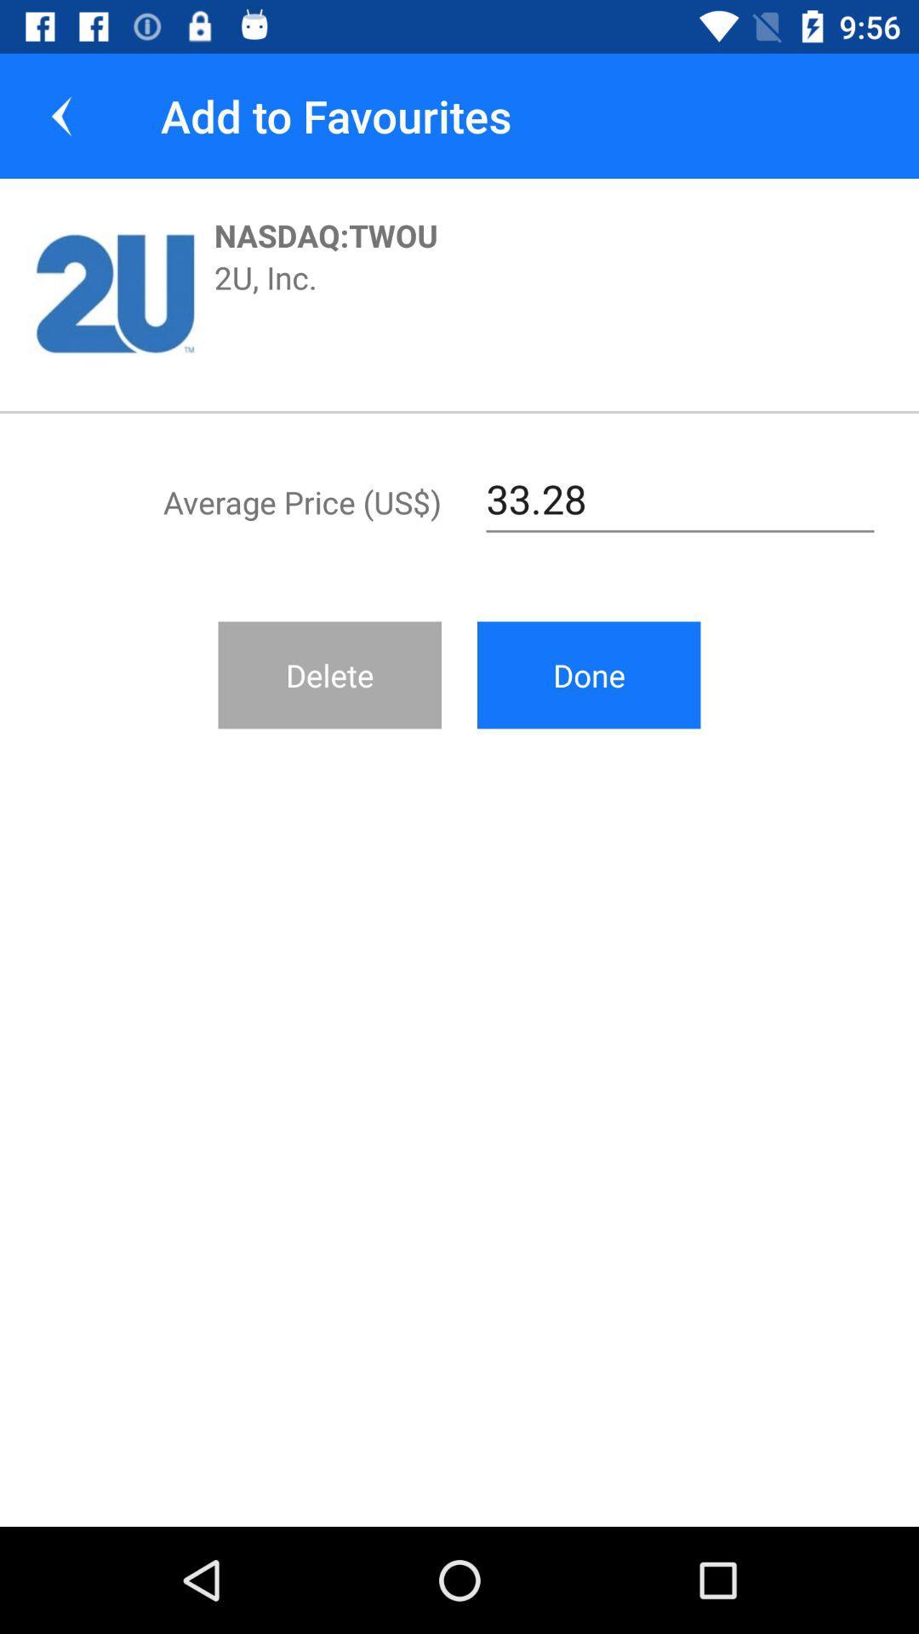  Describe the element at coordinates (329, 674) in the screenshot. I see `icon below the average price (us$)` at that location.